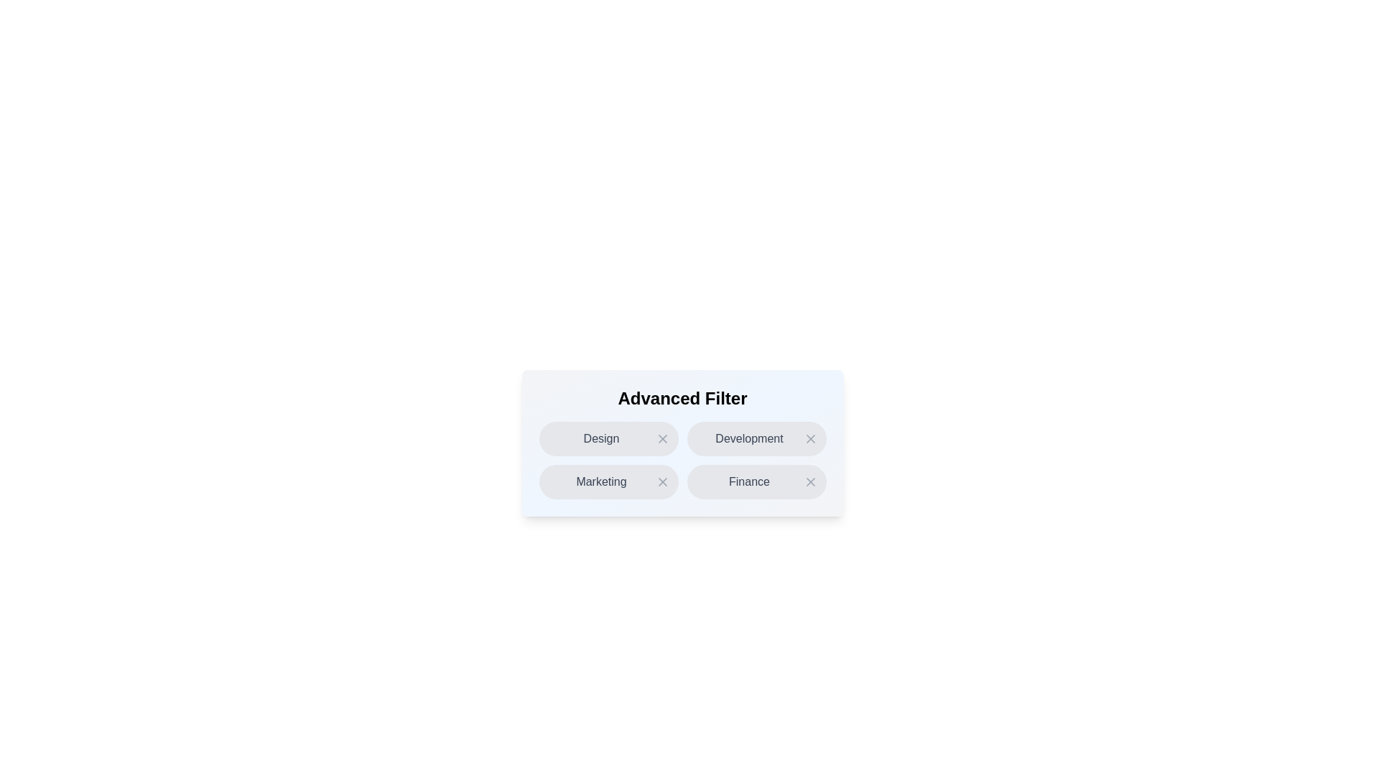  Describe the element at coordinates (608, 482) in the screenshot. I see `the chip labeled Marketing` at that location.